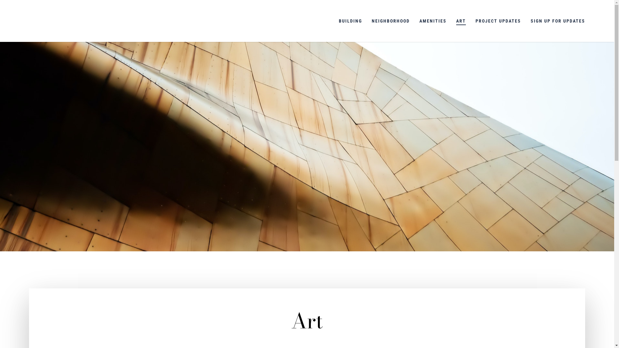  What do you see at coordinates (461, 21) in the screenshot?
I see `'ART'` at bounding box center [461, 21].